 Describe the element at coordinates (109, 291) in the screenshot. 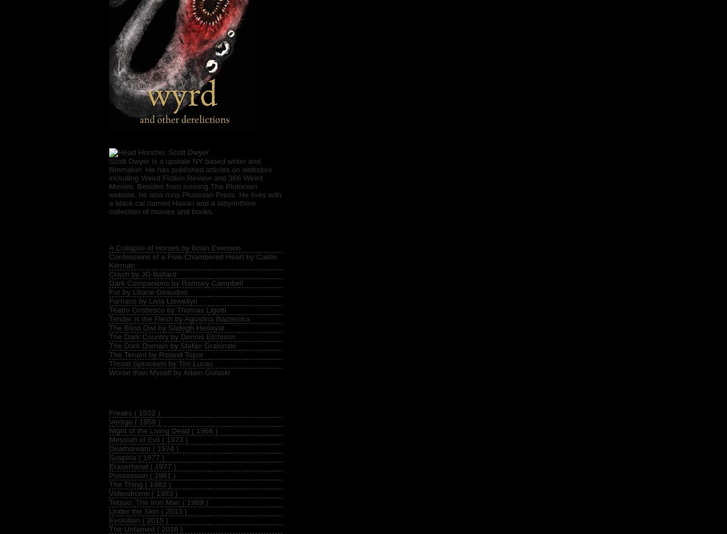

I see `'Fur by Liliane Giraudon'` at that location.